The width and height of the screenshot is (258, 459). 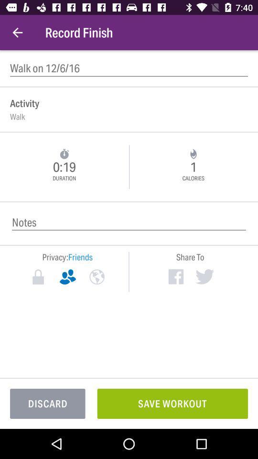 What do you see at coordinates (204, 276) in the screenshot?
I see `share on twitter` at bounding box center [204, 276].